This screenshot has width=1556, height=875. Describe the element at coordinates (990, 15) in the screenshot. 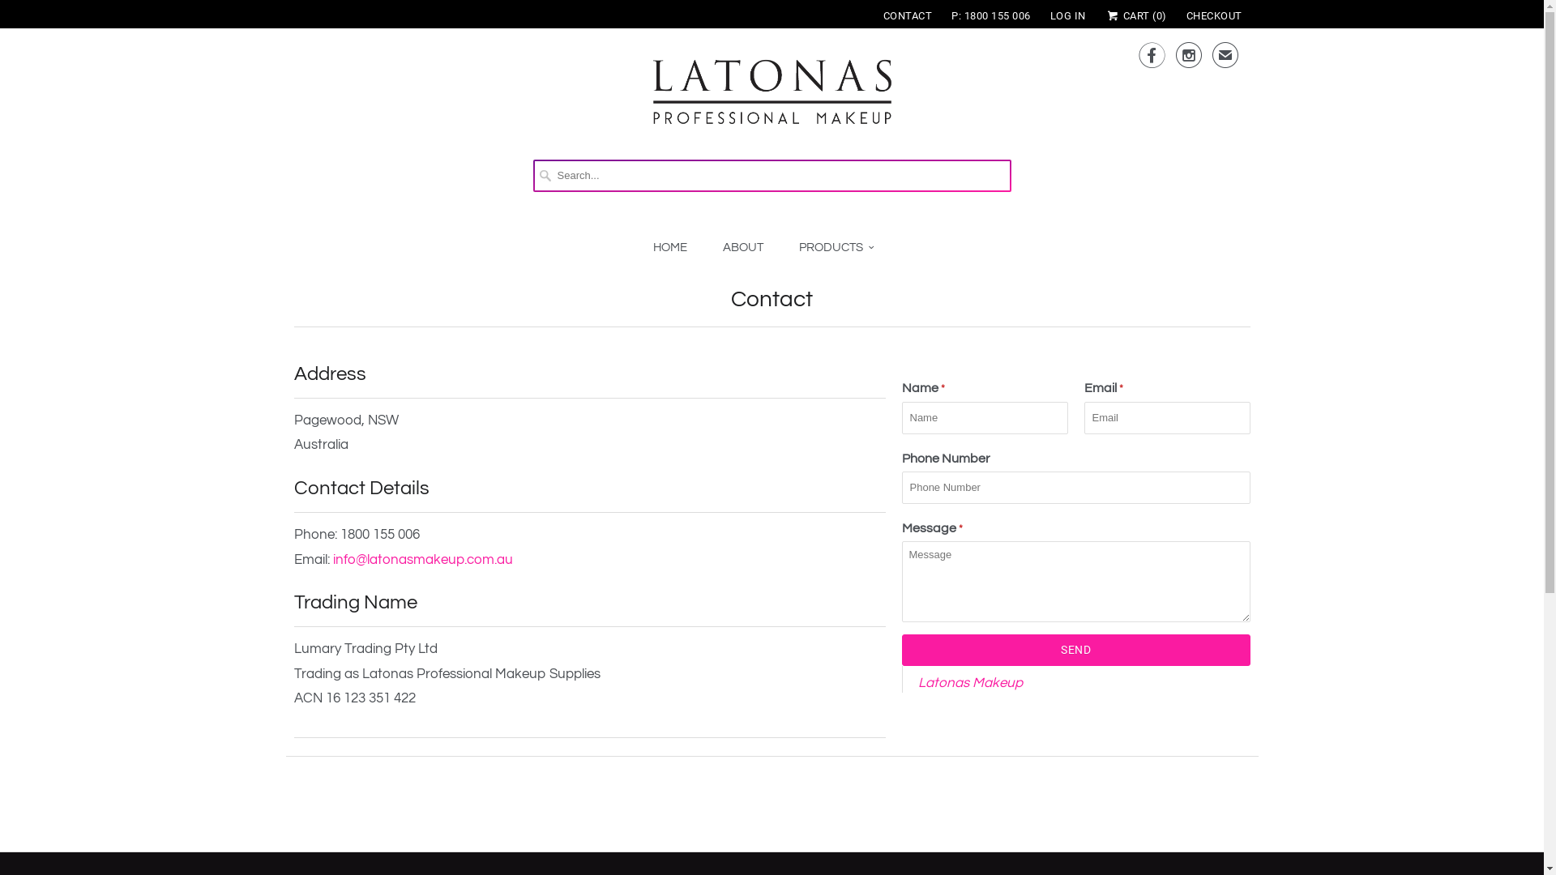

I see `'P: 1800 155 006'` at that location.